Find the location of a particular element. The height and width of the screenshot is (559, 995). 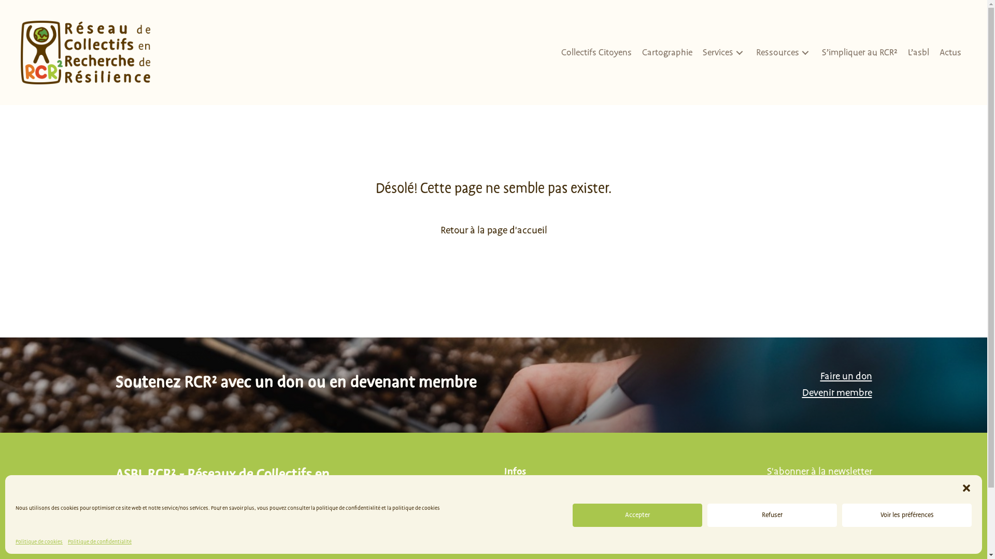

'Services' is located at coordinates (723, 52).